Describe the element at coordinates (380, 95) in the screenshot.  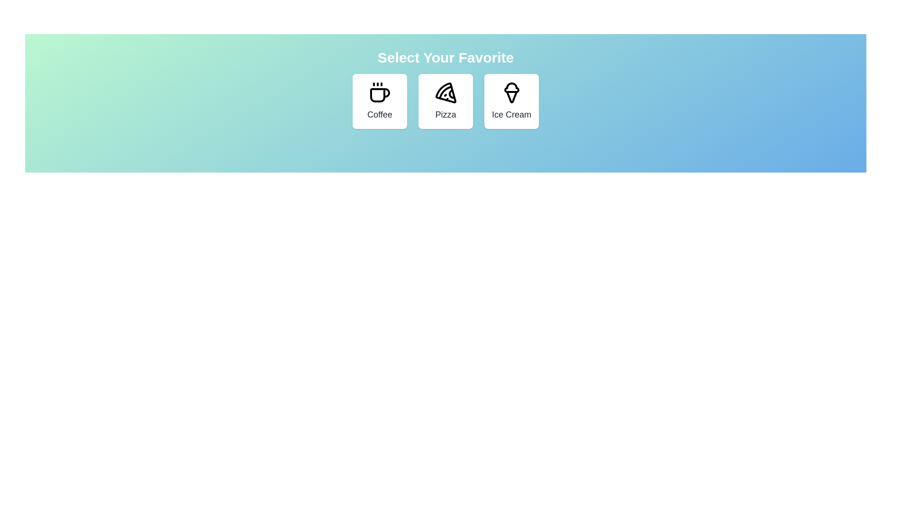
I see `the coffee-themed icon within the left-most graphic tile under the title 'Select Your Favorite'` at that location.